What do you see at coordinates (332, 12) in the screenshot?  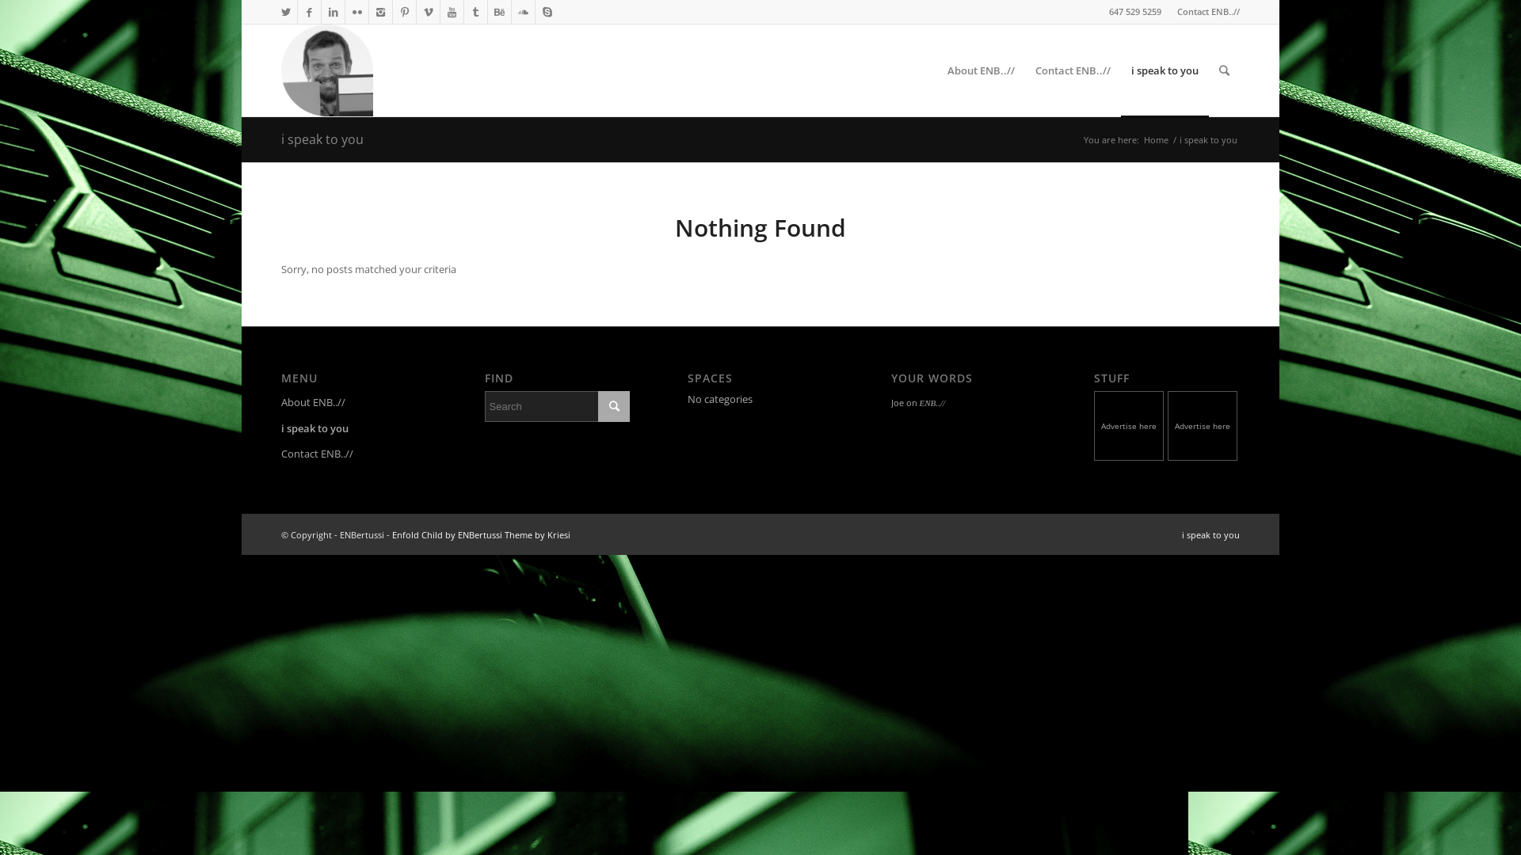 I see `'Linkedin'` at bounding box center [332, 12].